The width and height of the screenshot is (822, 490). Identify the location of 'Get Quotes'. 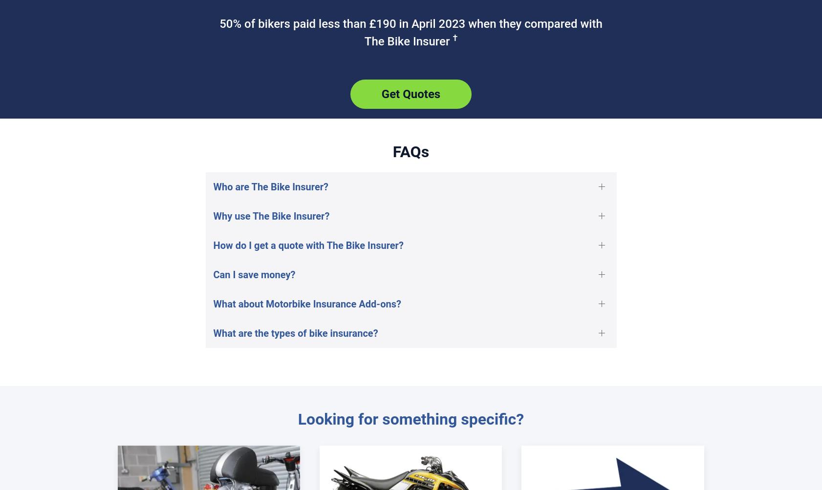
(411, 93).